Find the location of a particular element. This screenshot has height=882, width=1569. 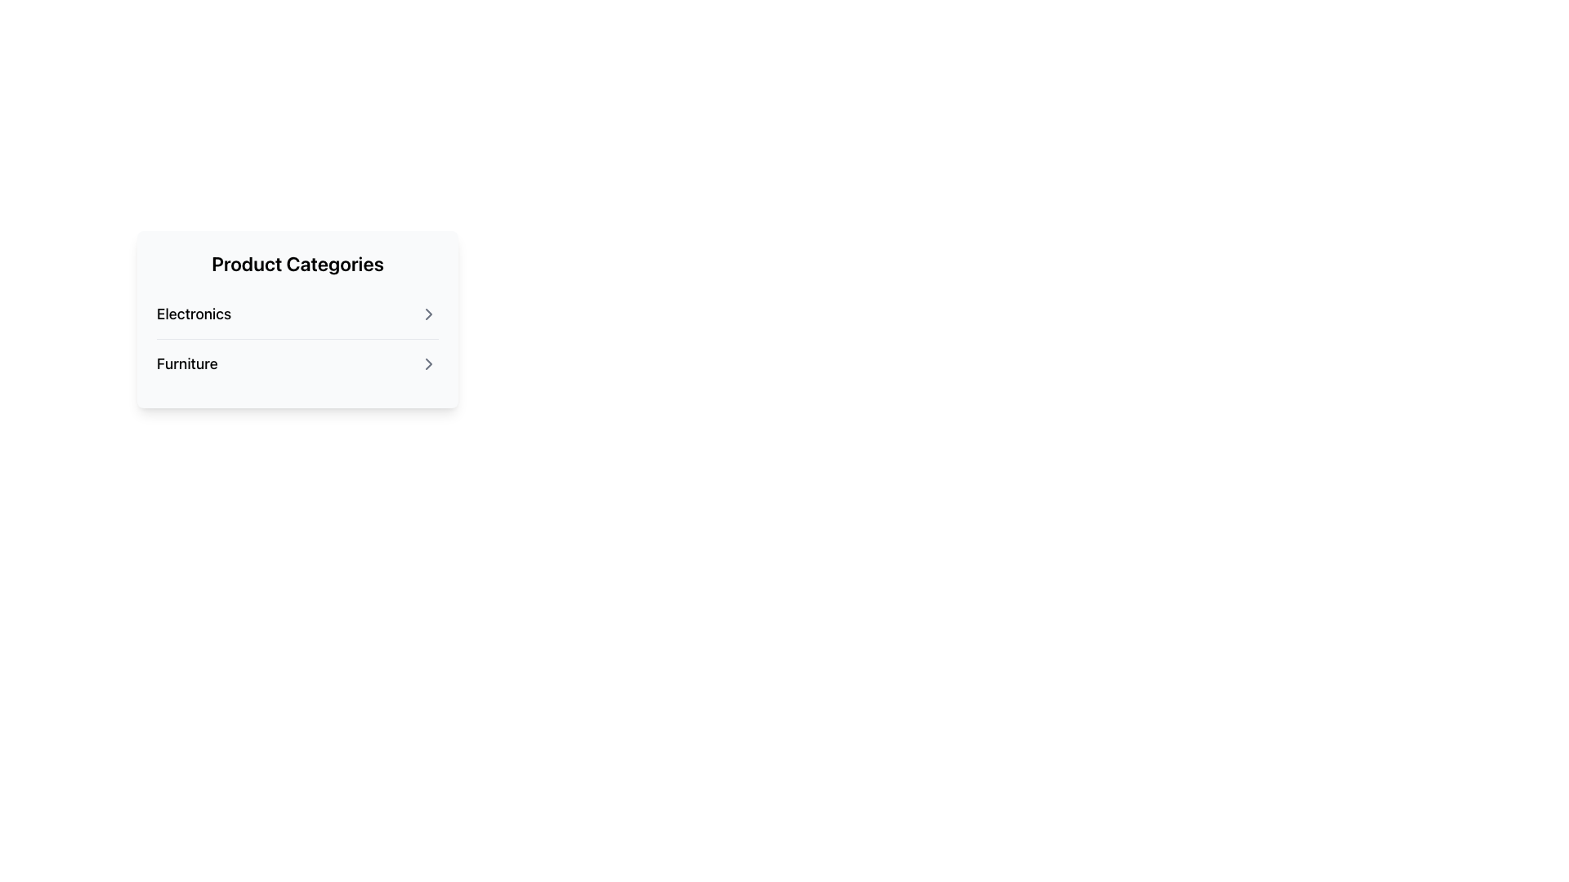

the bold, large-sized text displaying 'Product Categories' which is styled with extra spacing below it and located at the top of a card-like box is located at coordinates (297, 263).